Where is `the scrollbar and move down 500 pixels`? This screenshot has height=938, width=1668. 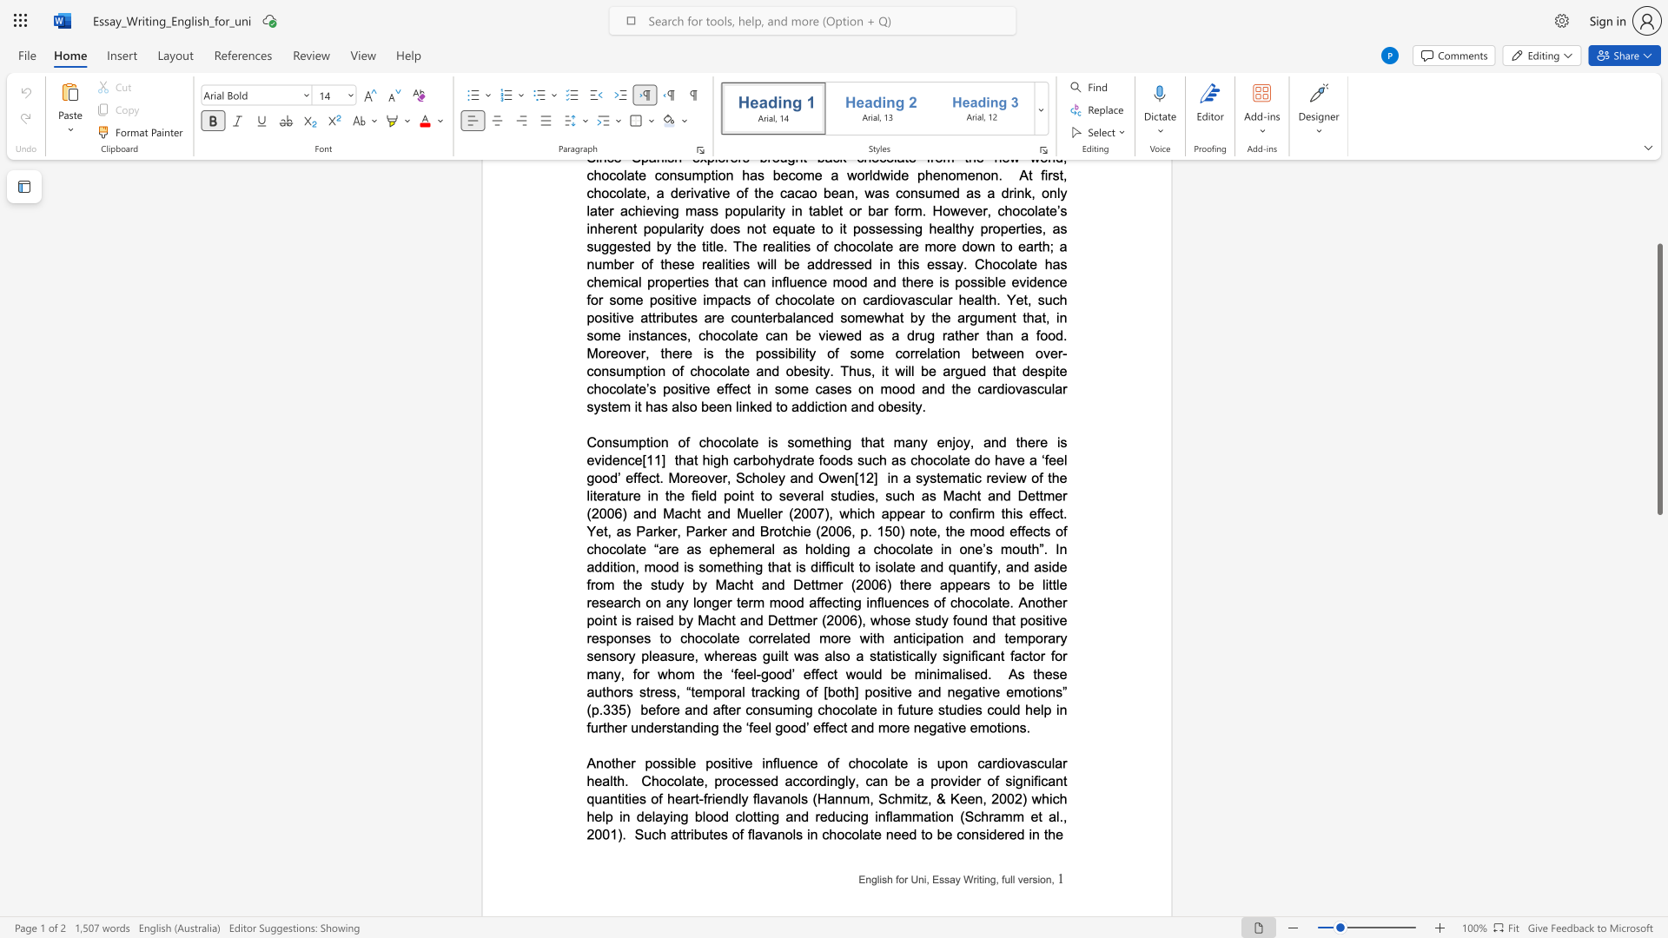
the scrollbar and move down 500 pixels is located at coordinates (1658, 379).